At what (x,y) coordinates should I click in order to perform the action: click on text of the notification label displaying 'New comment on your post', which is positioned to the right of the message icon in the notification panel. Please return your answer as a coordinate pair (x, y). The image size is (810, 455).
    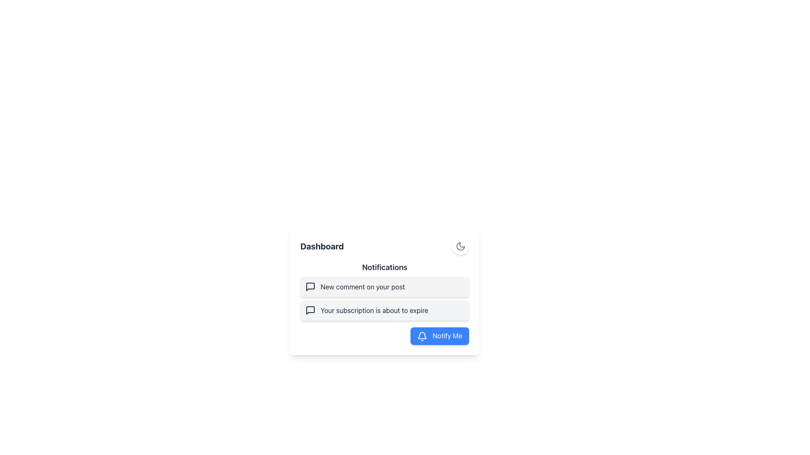
    Looking at the image, I should click on (362, 286).